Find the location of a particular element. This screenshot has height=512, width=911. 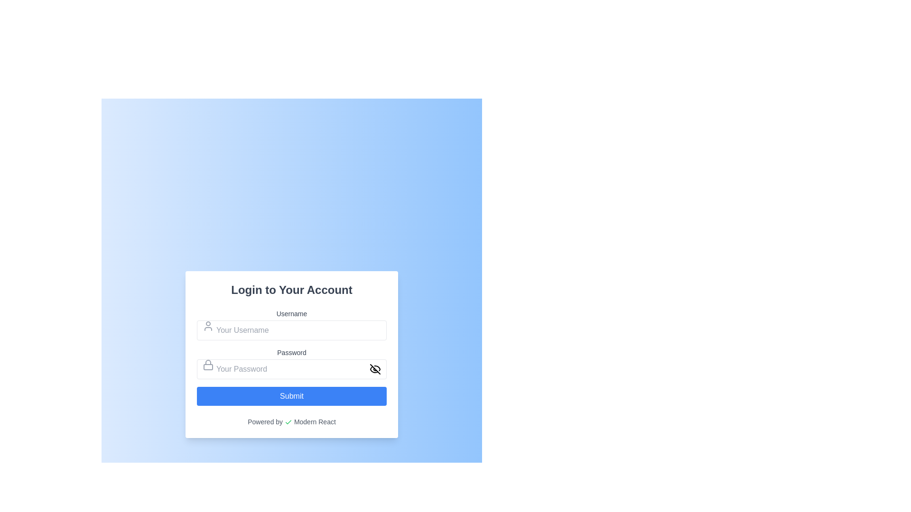

the text element saying 'Powered by Modern React' with a green checkmark icon, located at the bottom of the interface card below the 'Submit' button is located at coordinates (291, 421).